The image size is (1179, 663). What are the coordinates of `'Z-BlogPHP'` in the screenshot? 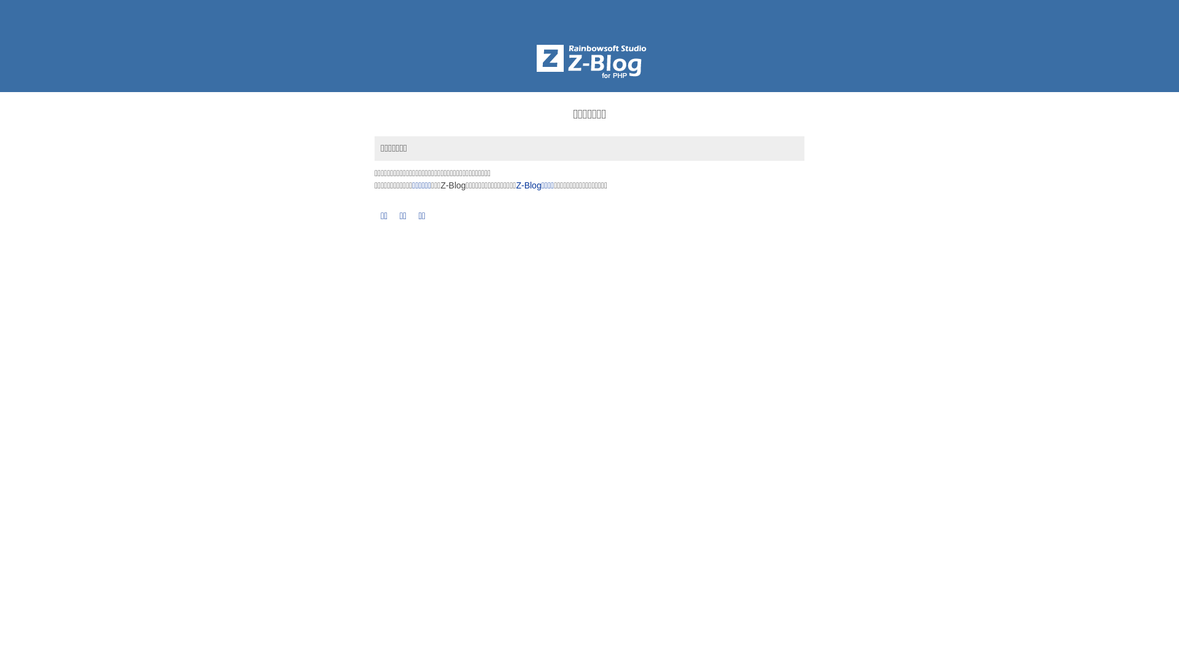 It's located at (527, 58).